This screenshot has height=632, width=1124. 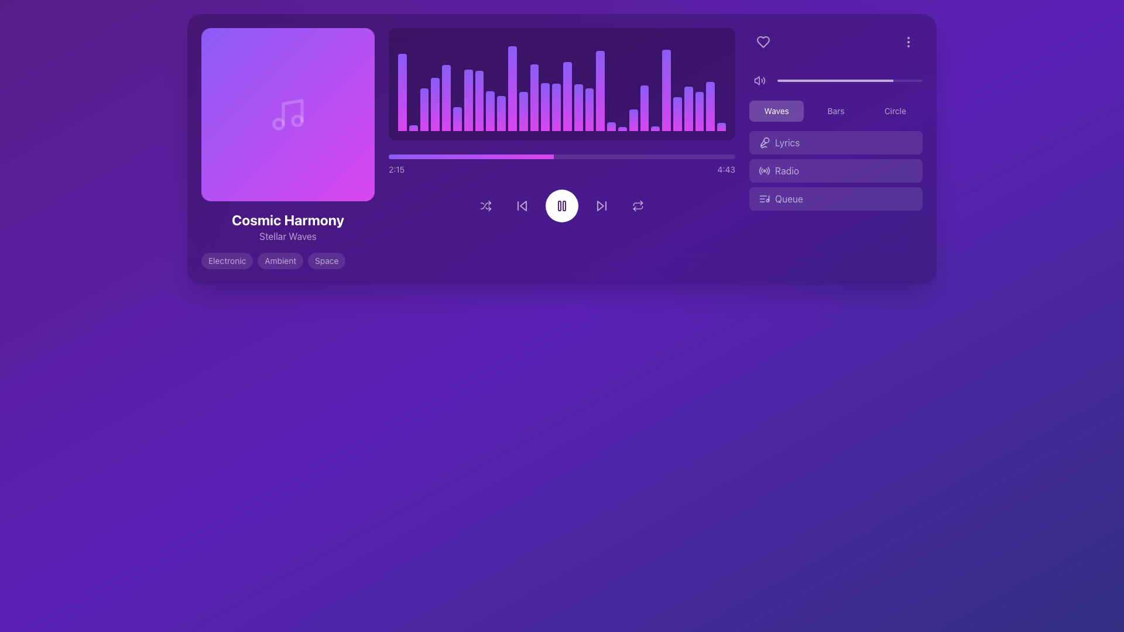 I want to click on the 22nd vertical audio bar in the graphical visualization component representing the audio spectrum, so click(x=633, y=120).